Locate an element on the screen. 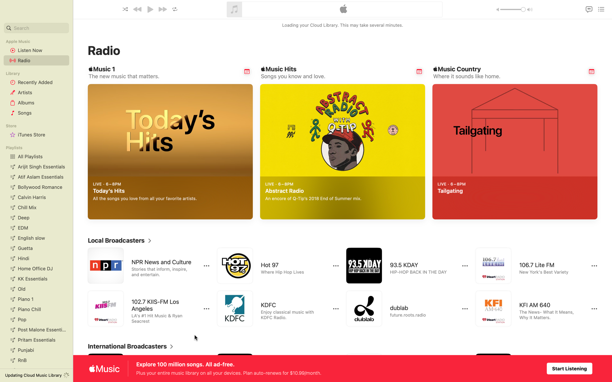 This screenshot has height=382, width=612. 93.5 KDAY is located at coordinates (402, 266).